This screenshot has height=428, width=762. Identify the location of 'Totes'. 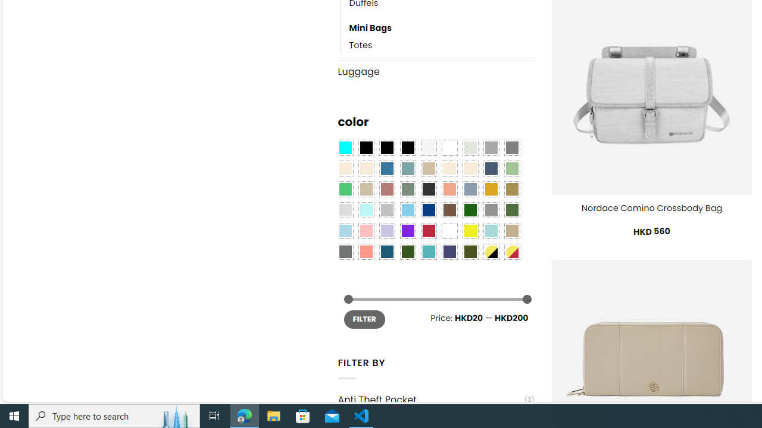
(441, 45).